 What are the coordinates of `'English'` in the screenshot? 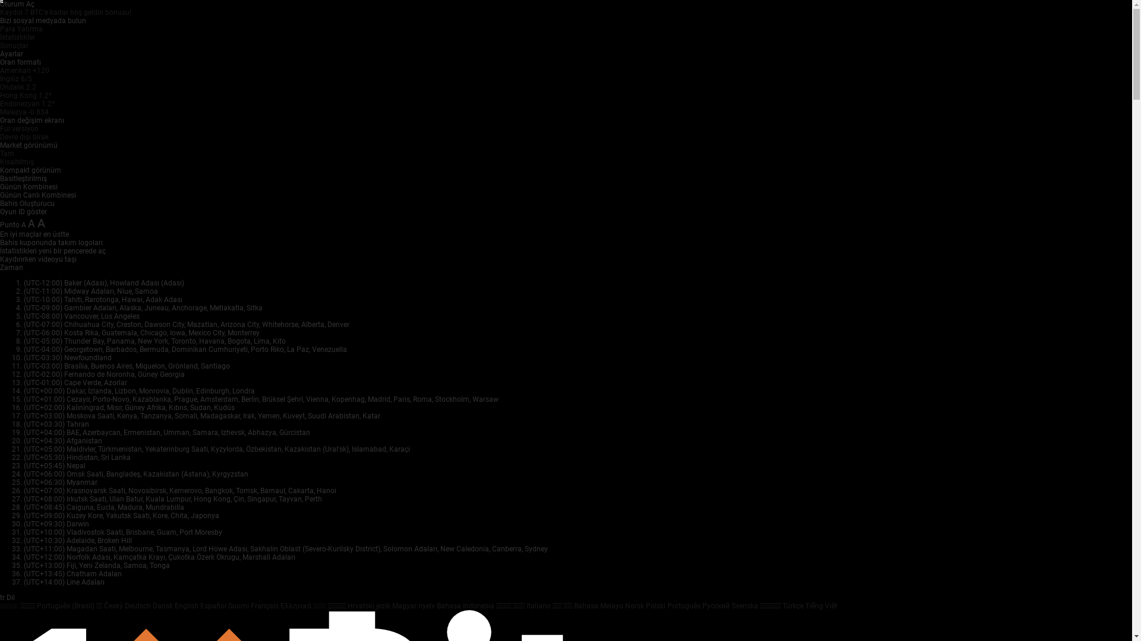 It's located at (187, 606).